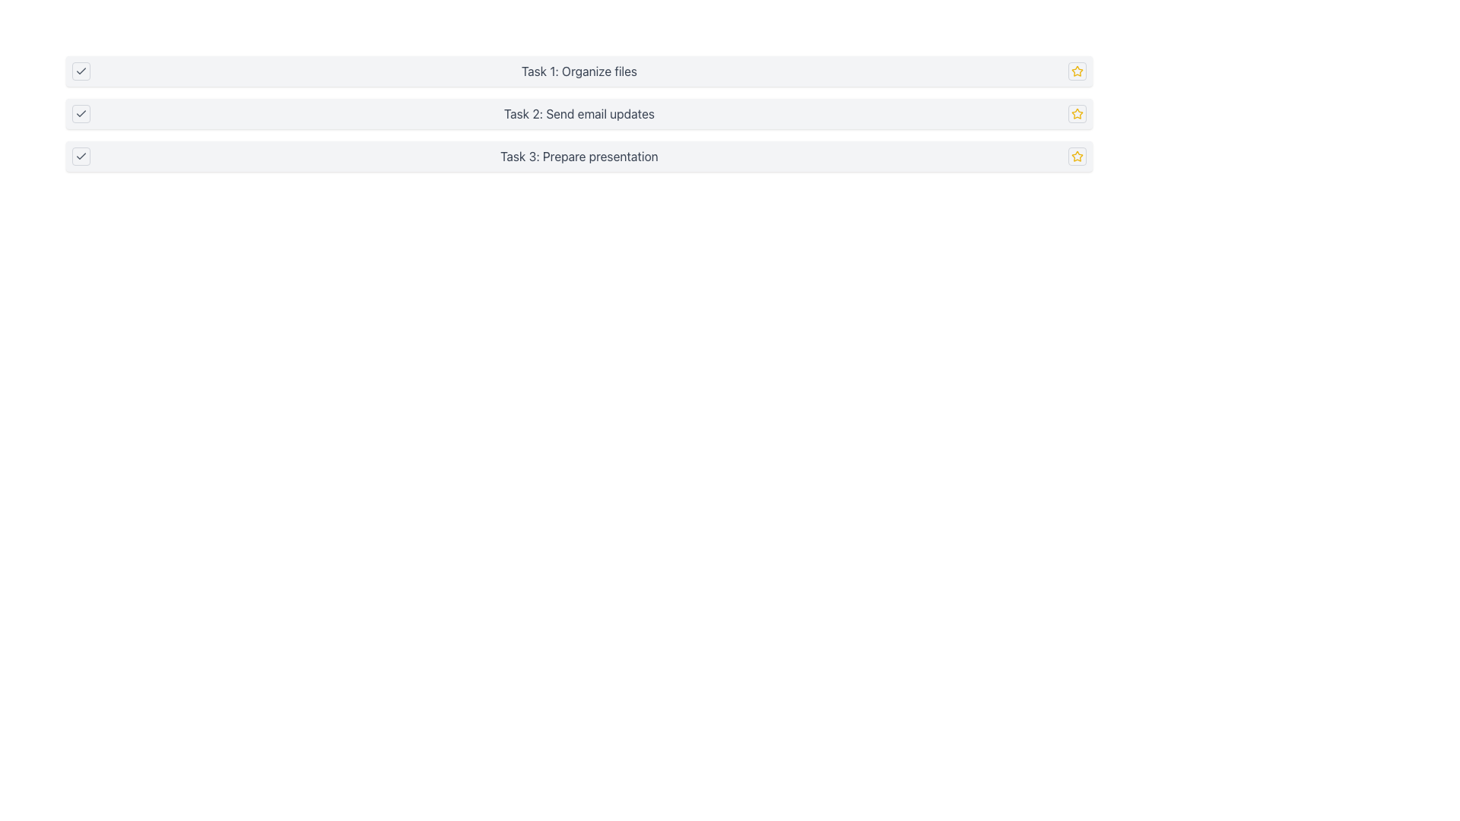 Image resolution: width=1460 pixels, height=821 pixels. I want to click on the descriptive label for the third task in the list, which is centered horizontally within its row and follows 'Task 2: Send email updates', so click(579, 156).